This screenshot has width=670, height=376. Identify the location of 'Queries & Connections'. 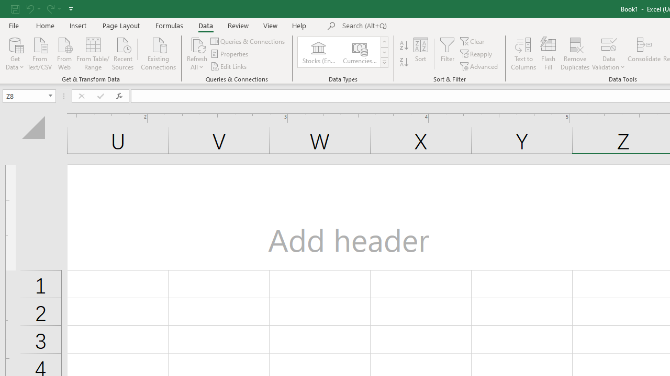
(248, 41).